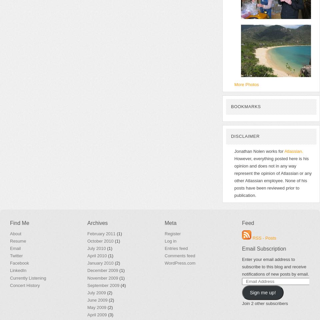 This screenshot has width=320, height=320. What do you see at coordinates (96, 307) in the screenshot?
I see `'May 2009'` at bounding box center [96, 307].